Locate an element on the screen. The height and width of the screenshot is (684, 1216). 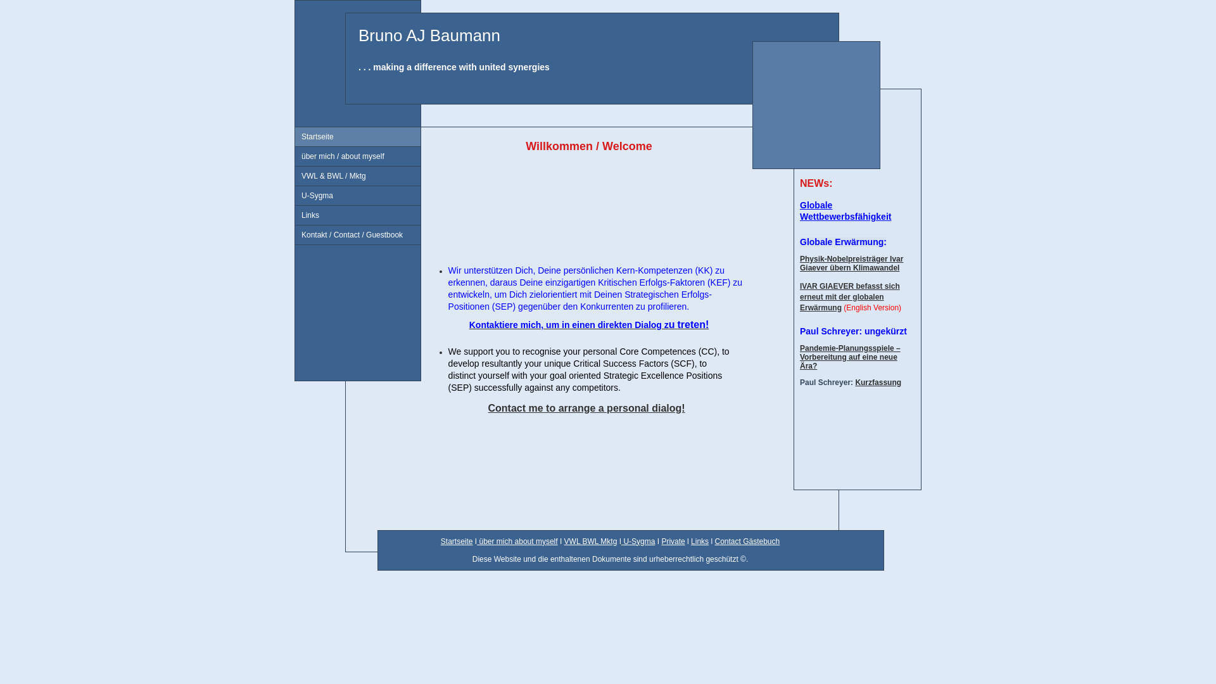
'Startseite' is located at coordinates (441, 541).